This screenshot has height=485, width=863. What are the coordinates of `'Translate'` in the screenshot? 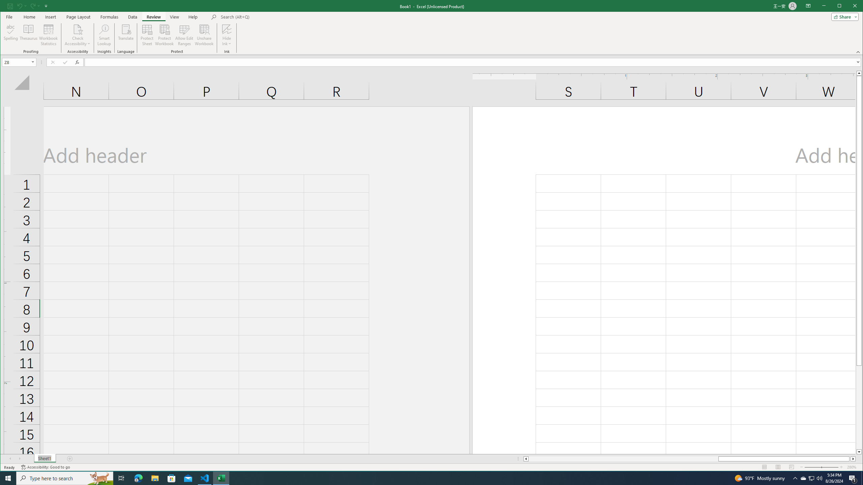 It's located at (125, 35).